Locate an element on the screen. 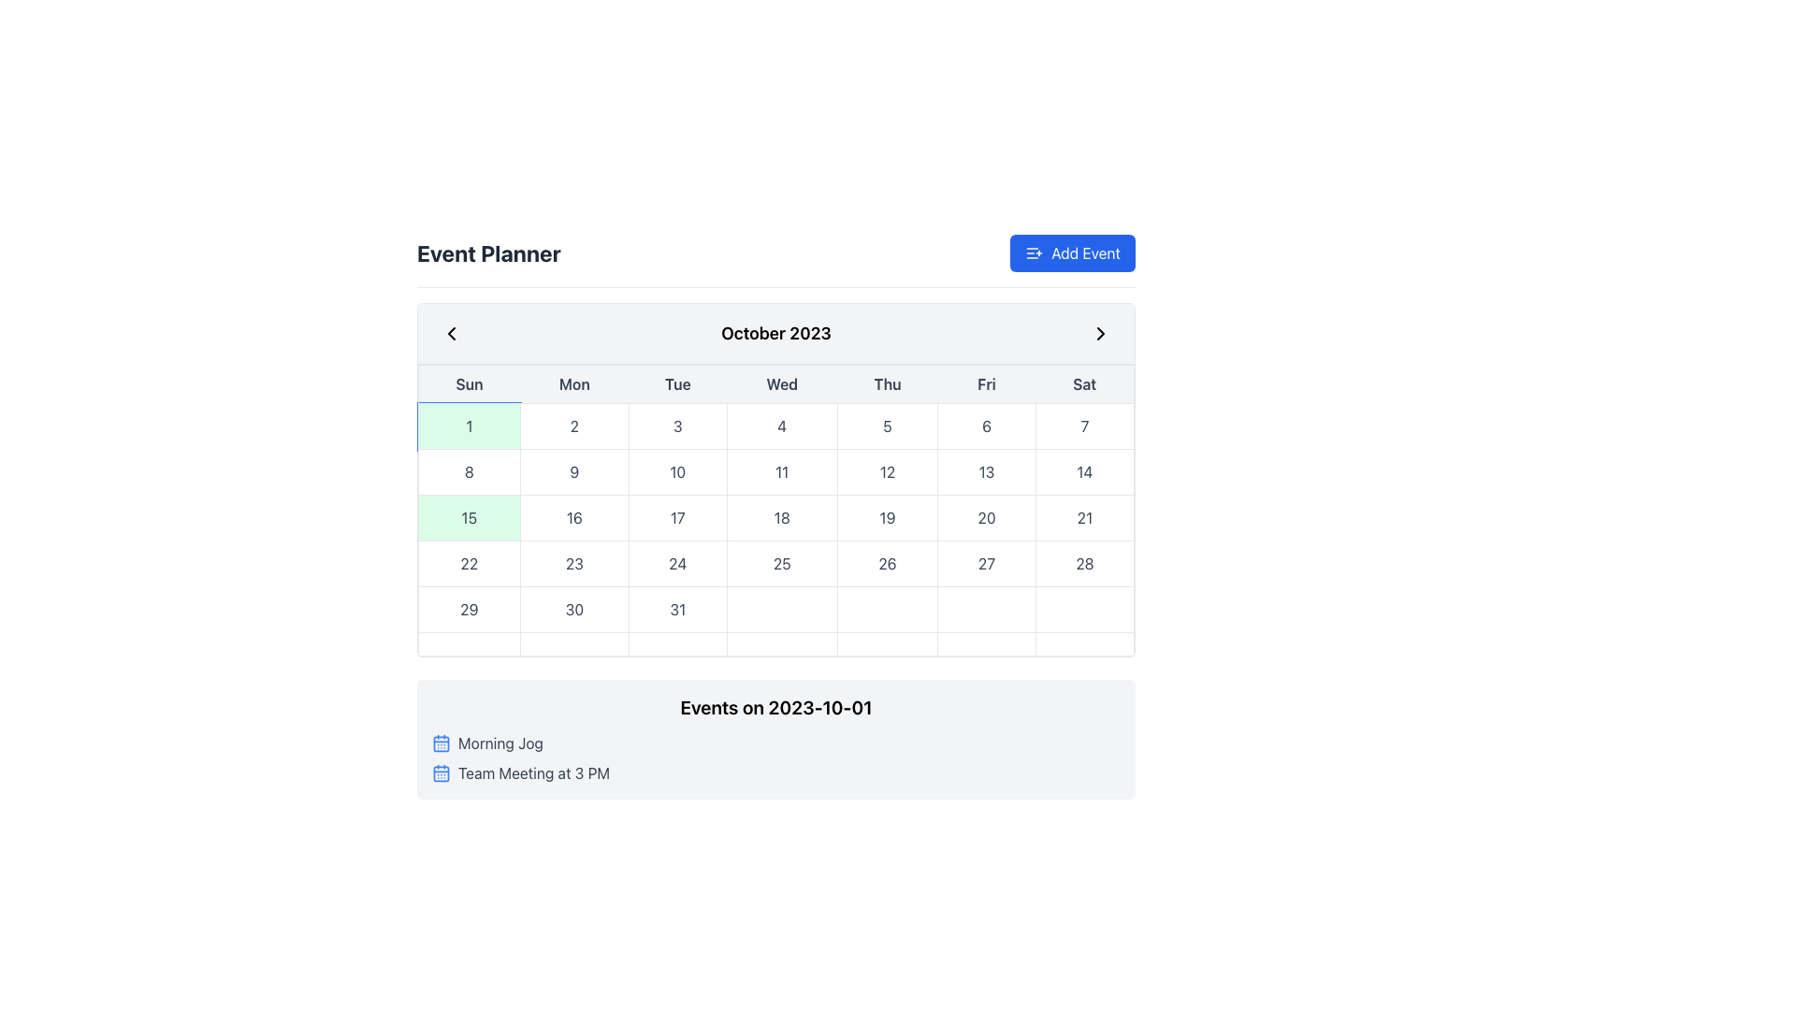  the Button icon located at the top left corner of the monthly calendar header is located at coordinates (452, 333).